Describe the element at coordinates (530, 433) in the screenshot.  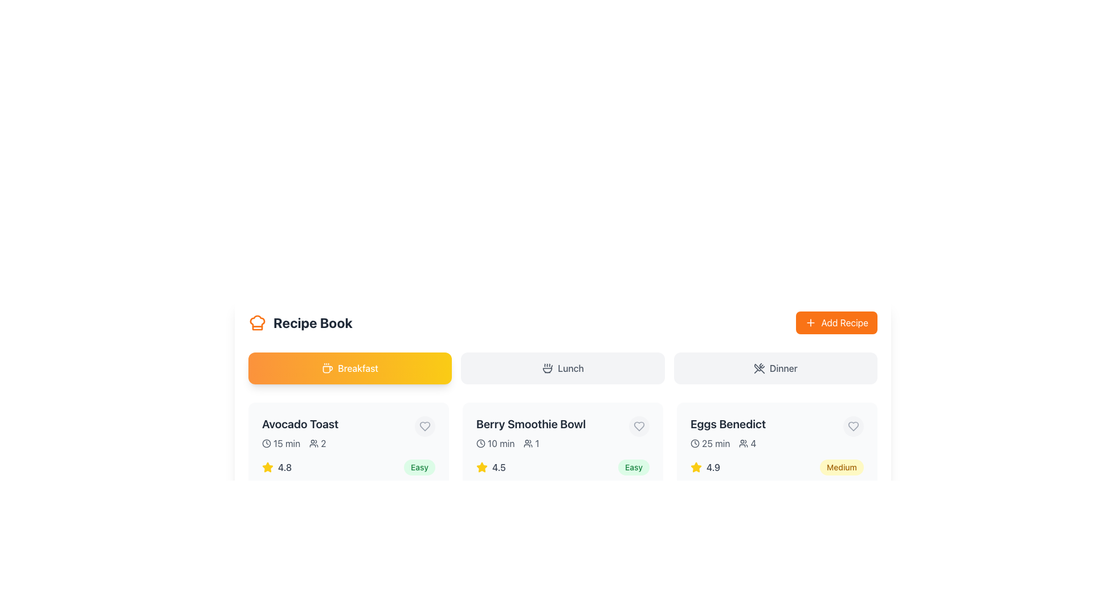
I see `the static display element titled 'Berry Smoothie Bowl', which includes the details '10 min' and '1', positioned below the 'Breakfast' section and between 'Avocado Toast' and 'Eggs Benedict'` at that location.